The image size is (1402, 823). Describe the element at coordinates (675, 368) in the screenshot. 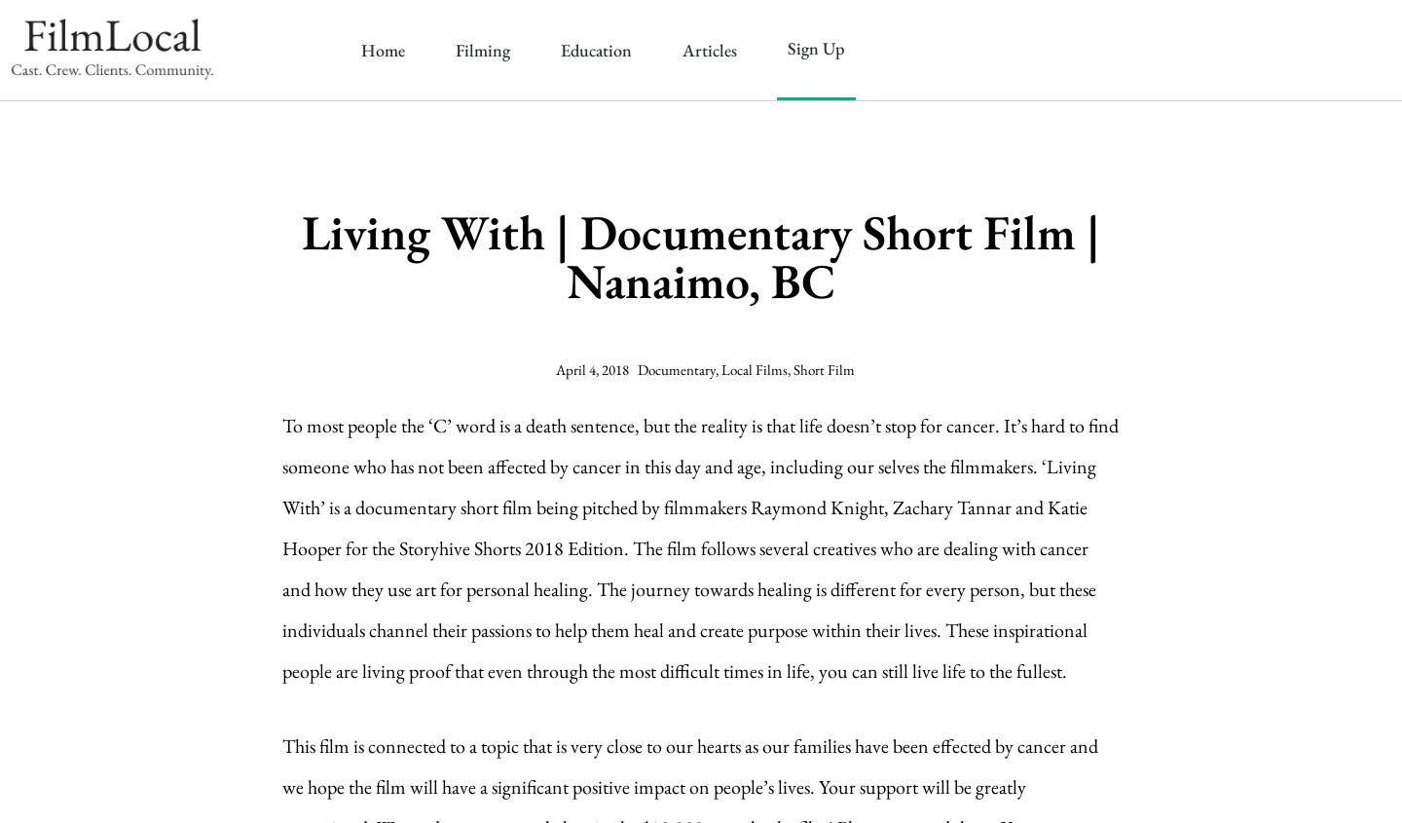

I see `'Documentary'` at that location.